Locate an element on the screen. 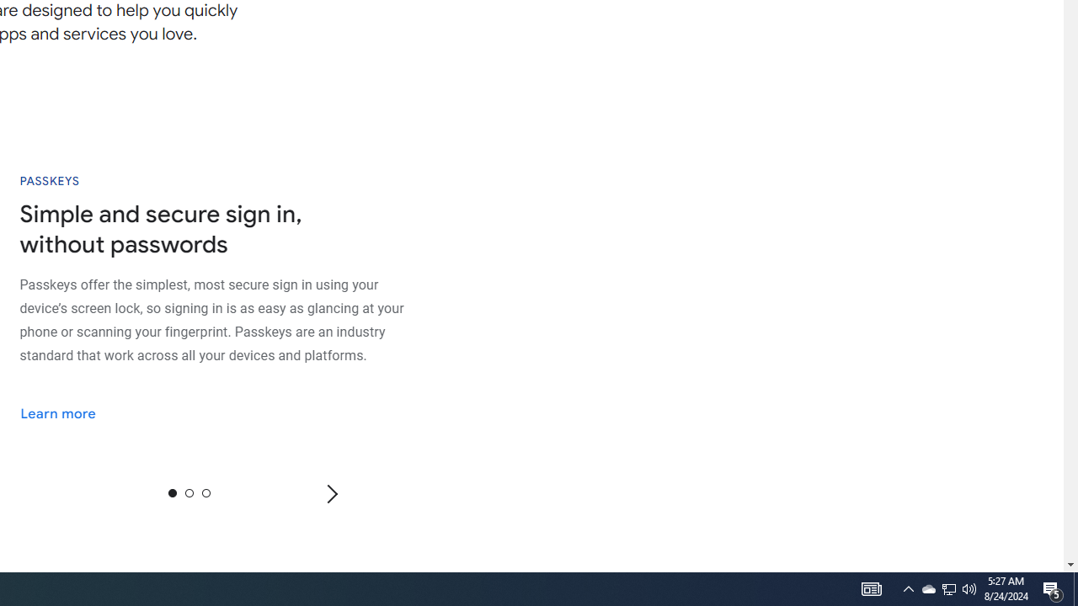  'Next' is located at coordinates (331, 492).